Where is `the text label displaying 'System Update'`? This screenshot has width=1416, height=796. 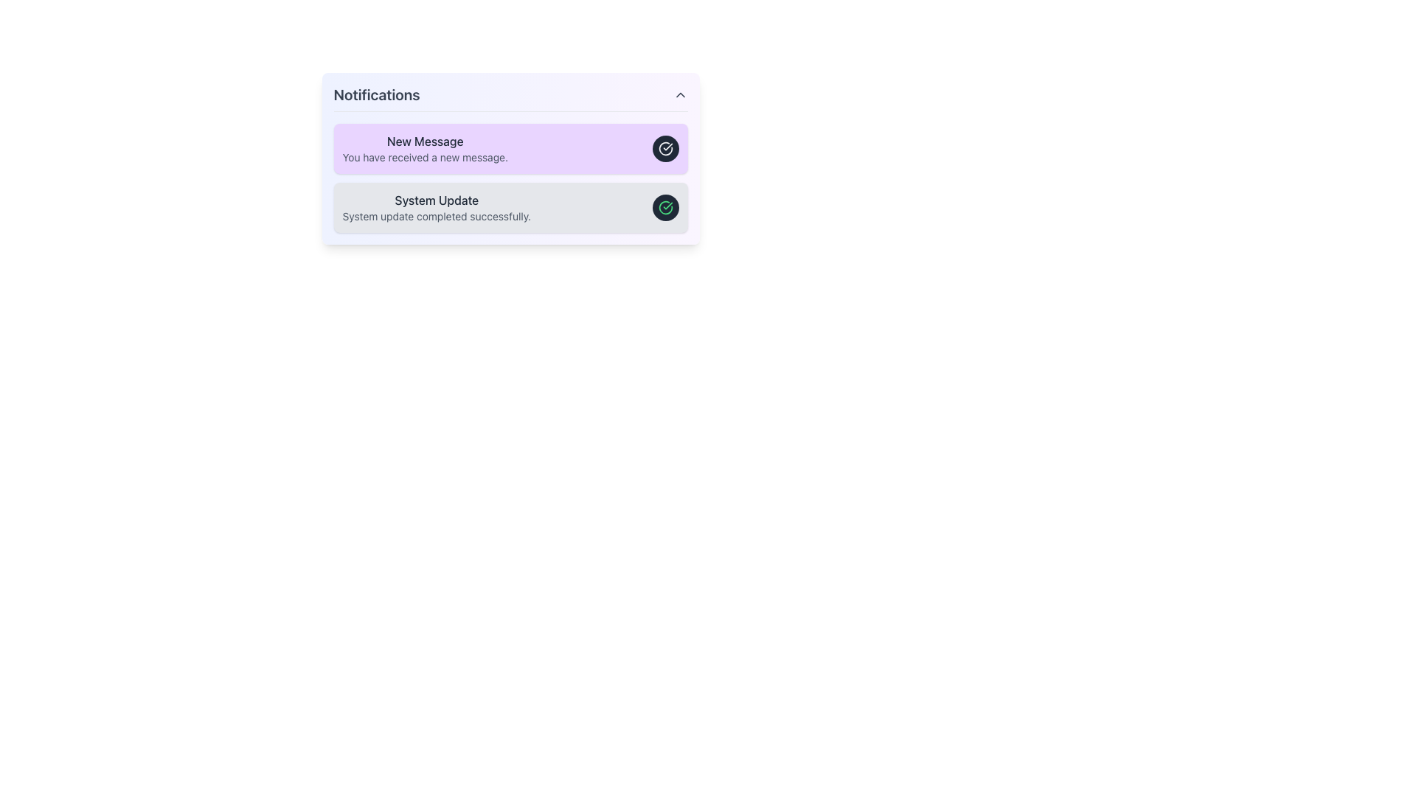 the text label displaying 'System Update' is located at coordinates (436, 200).